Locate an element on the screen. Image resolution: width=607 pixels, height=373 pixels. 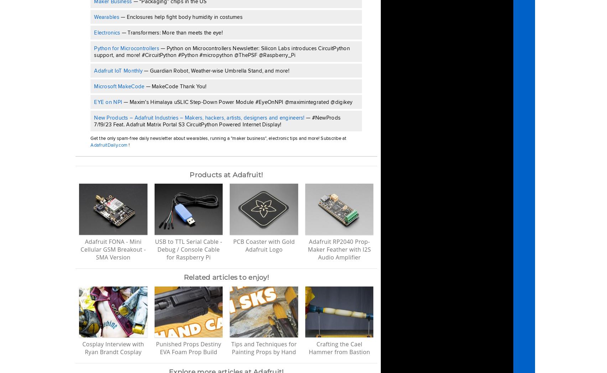
'— Enclosures help fight body humidity in costumes' is located at coordinates (180, 17).